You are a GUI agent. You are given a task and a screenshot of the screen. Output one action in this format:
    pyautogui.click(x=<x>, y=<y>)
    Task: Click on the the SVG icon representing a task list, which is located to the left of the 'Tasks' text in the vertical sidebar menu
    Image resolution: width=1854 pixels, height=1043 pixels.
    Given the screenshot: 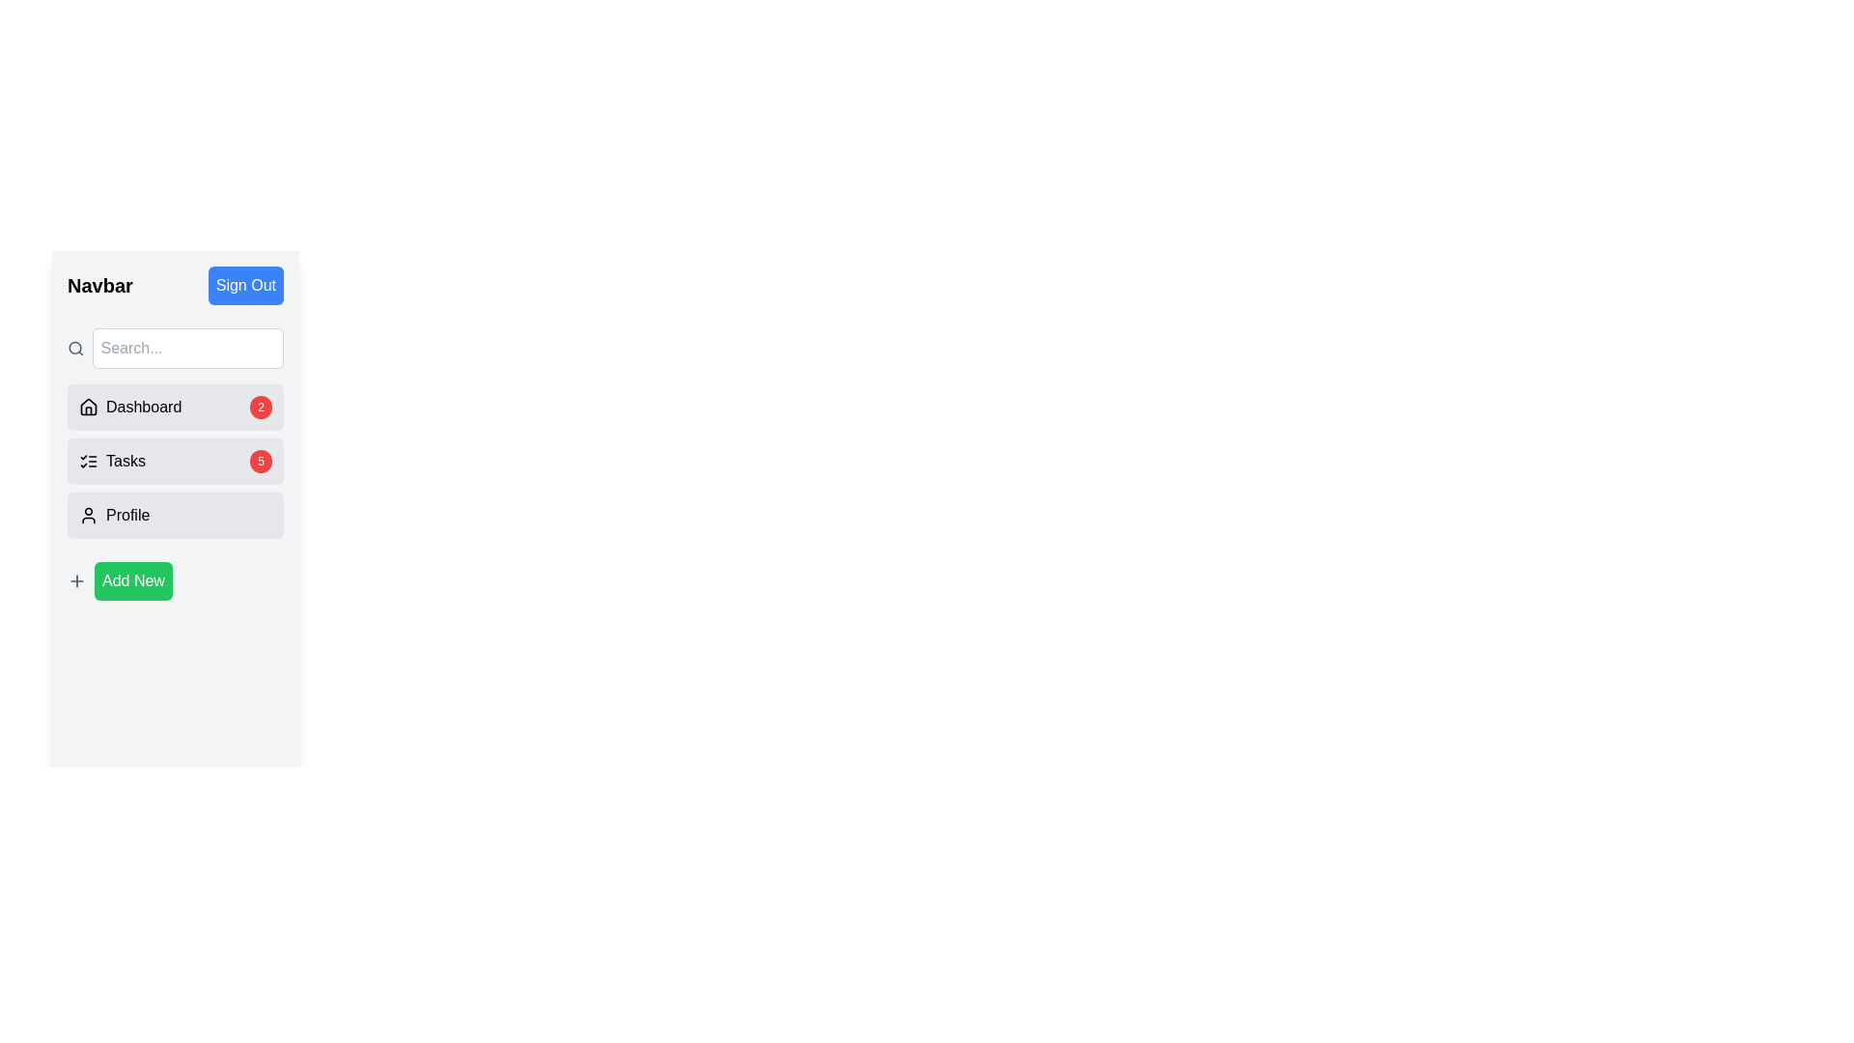 What is the action you would take?
    pyautogui.click(x=87, y=462)
    